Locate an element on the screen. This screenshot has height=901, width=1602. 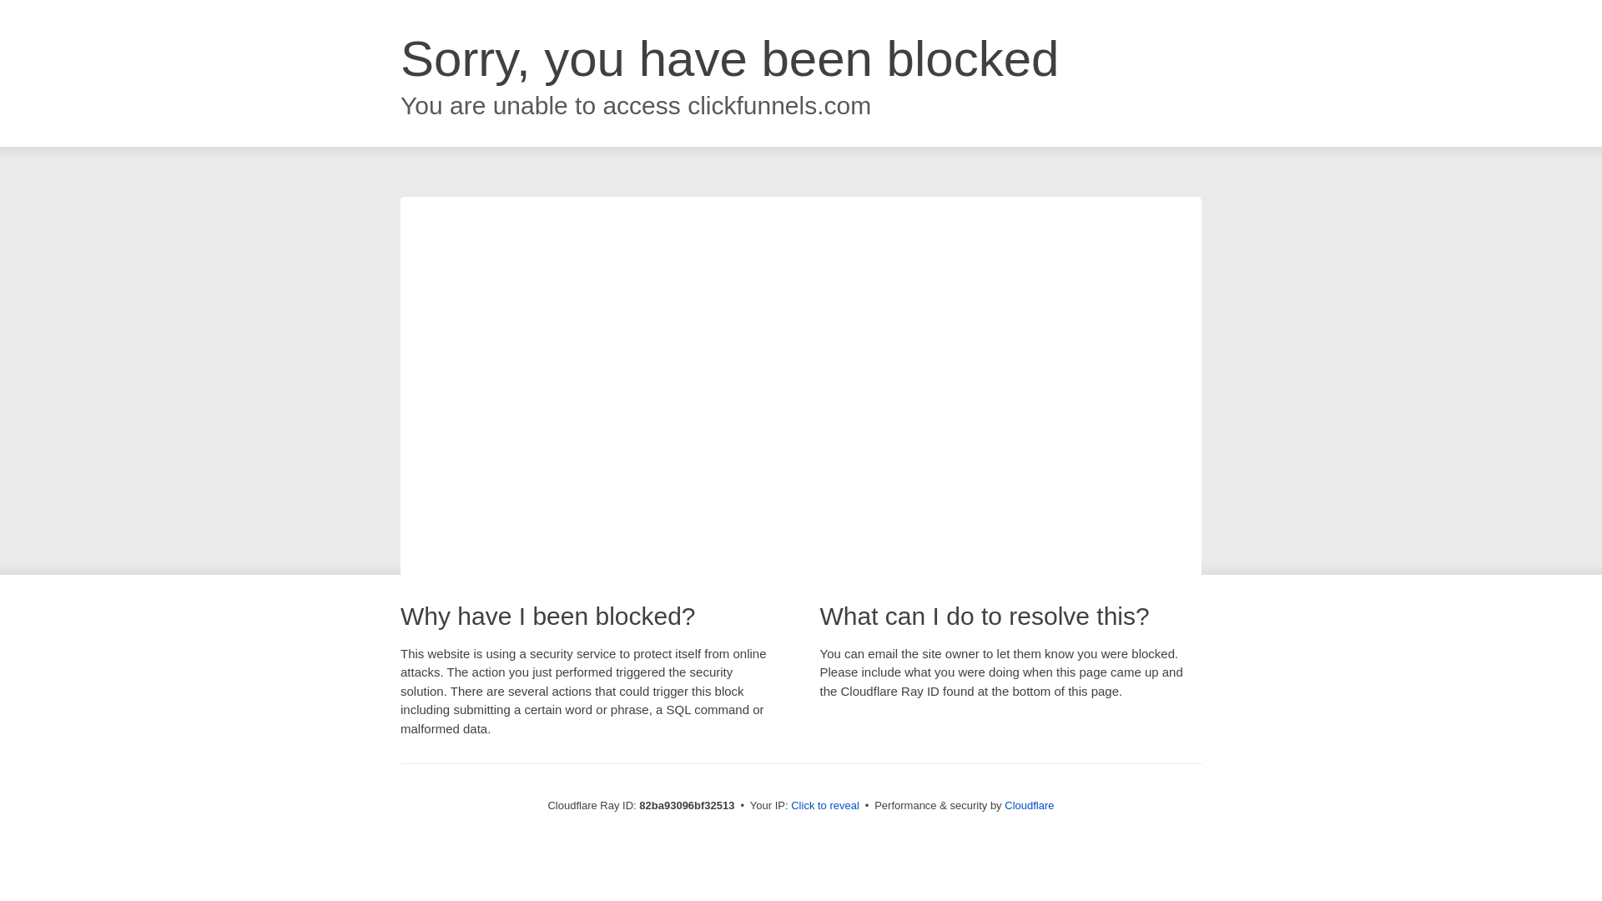
'Click to reveal' is located at coordinates (824, 804).